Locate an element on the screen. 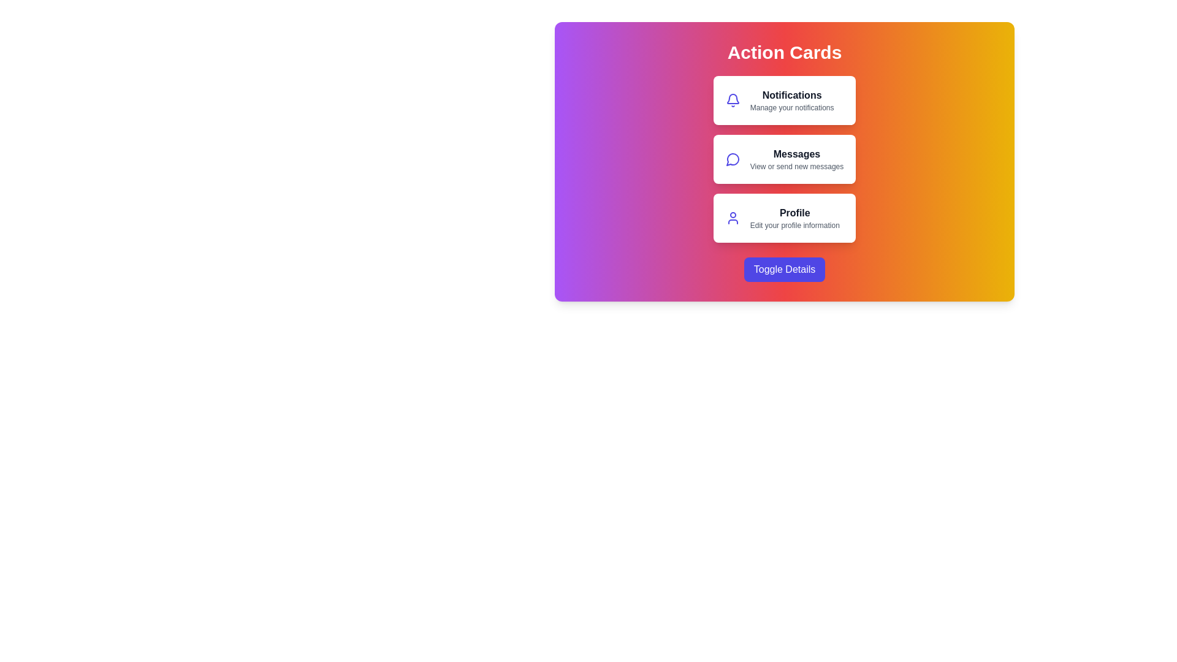 This screenshot has width=1177, height=662. descriptive subtitle text located directly beneath the 'Messages' title within the same card, which provides additional context about the functionality of the 'Messages' card is located at coordinates (797, 167).